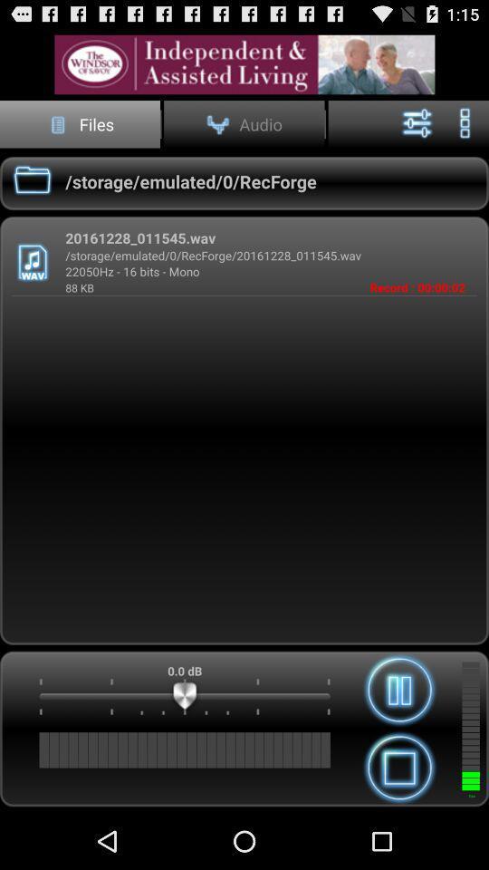  Describe the element at coordinates (244, 64) in the screenshot. I see `share the article` at that location.